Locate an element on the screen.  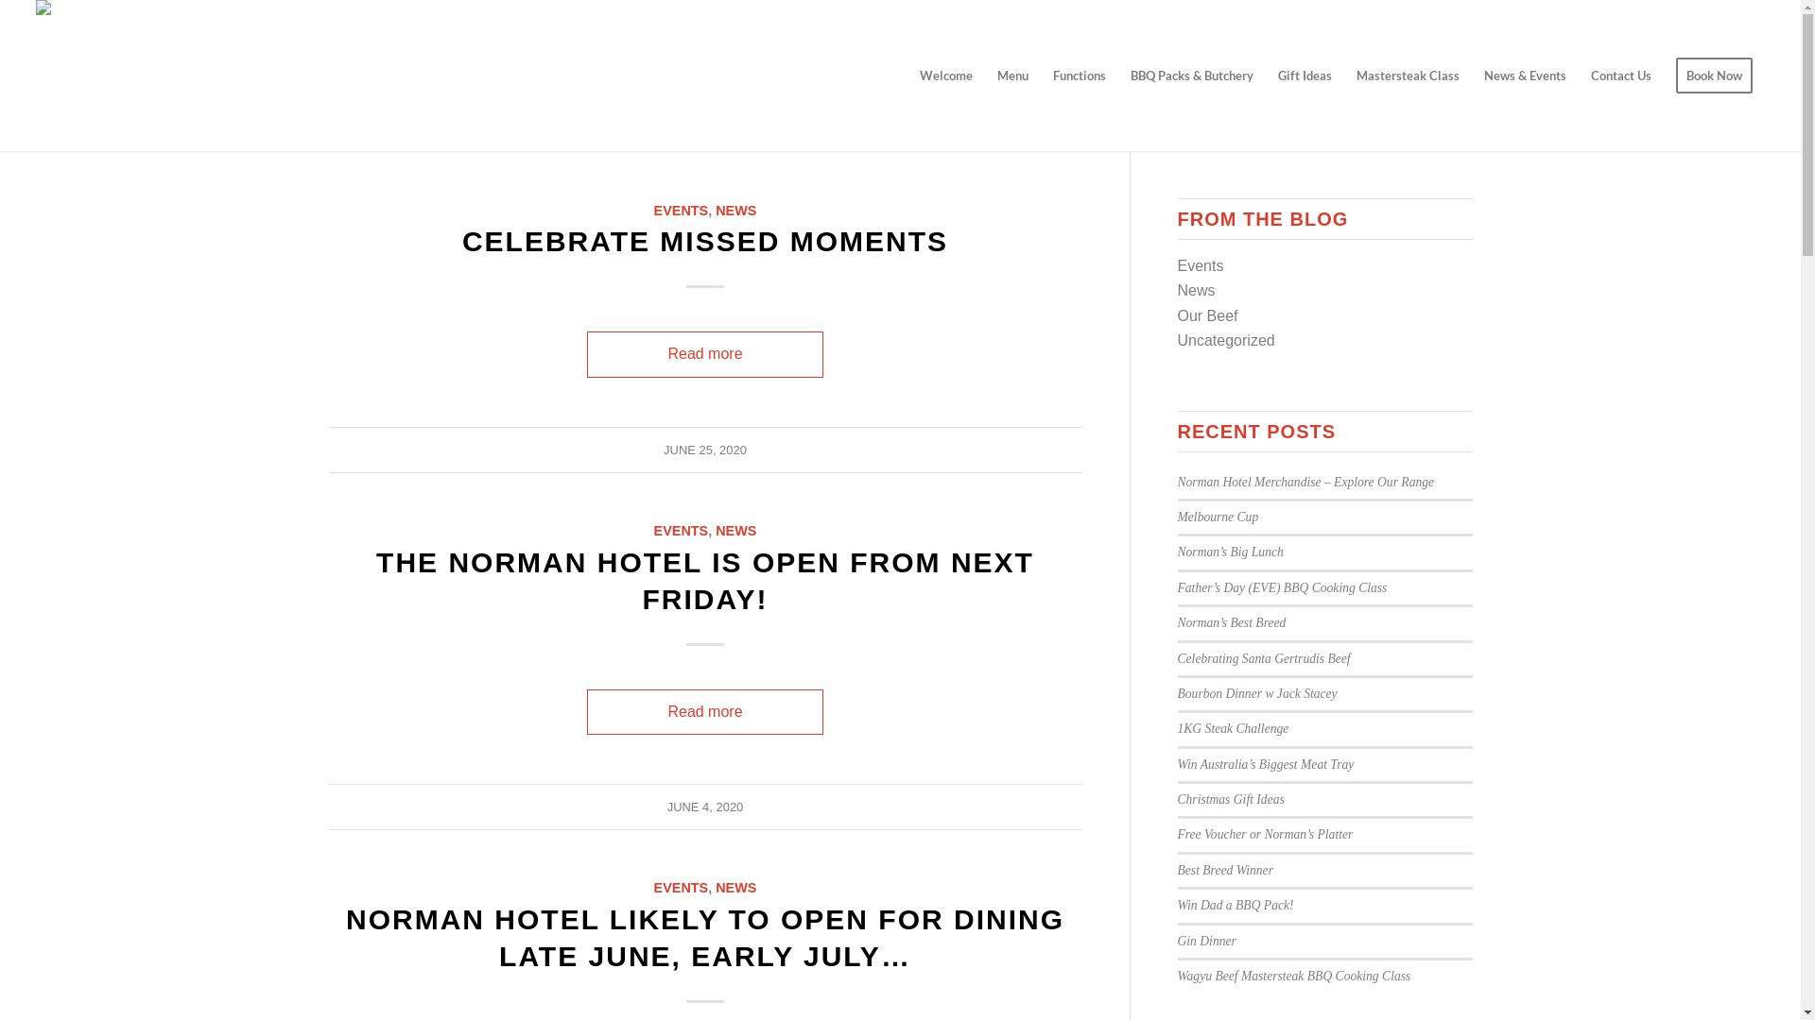
'Win Dad a BBQ Pack!' is located at coordinates (1236, 904).